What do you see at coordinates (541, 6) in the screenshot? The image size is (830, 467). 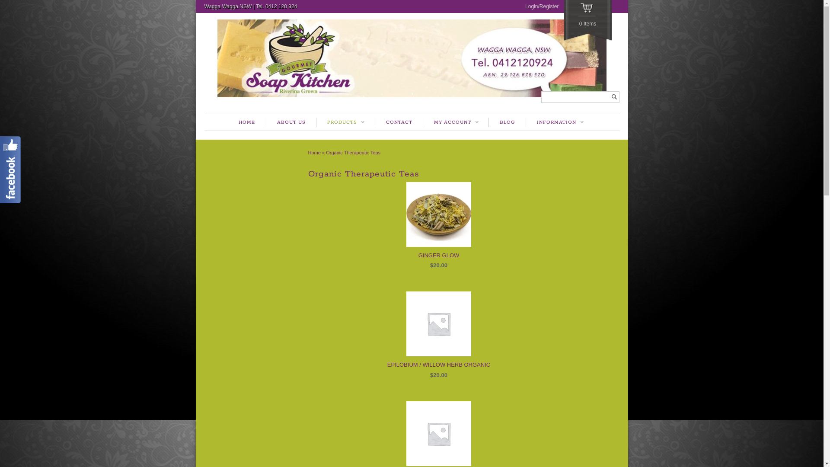 I see `'Login/Register'` at bounding box center [541, 6].